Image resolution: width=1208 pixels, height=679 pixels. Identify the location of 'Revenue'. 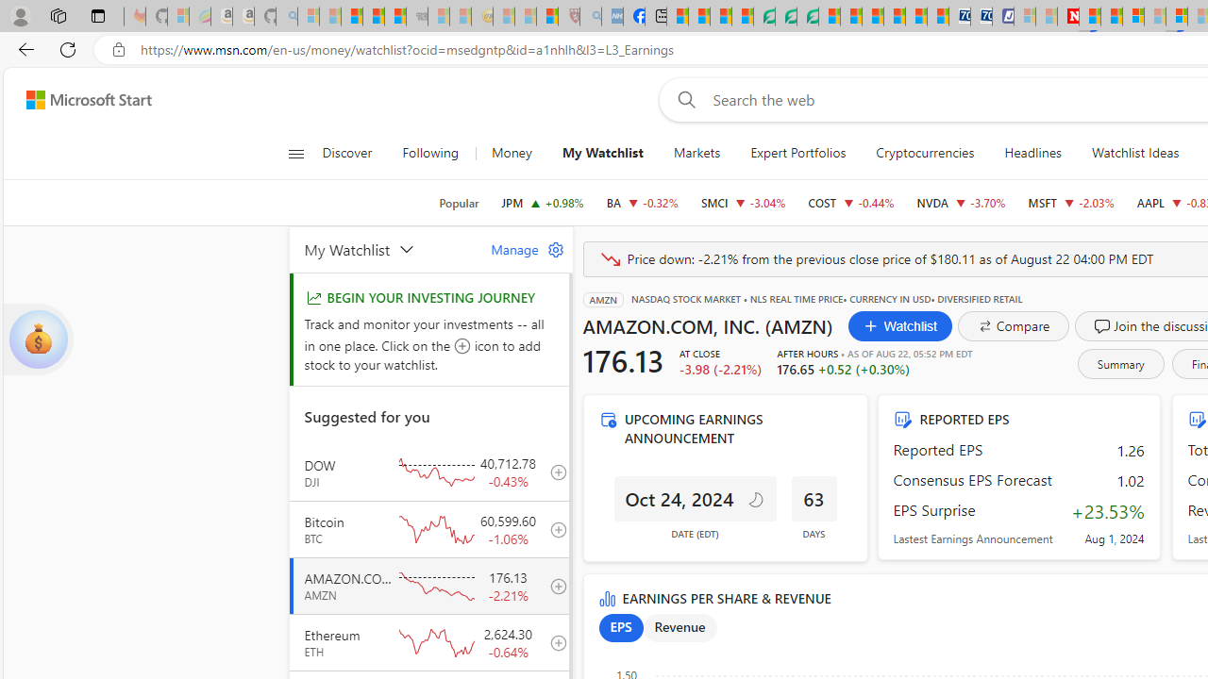
(679, 628).